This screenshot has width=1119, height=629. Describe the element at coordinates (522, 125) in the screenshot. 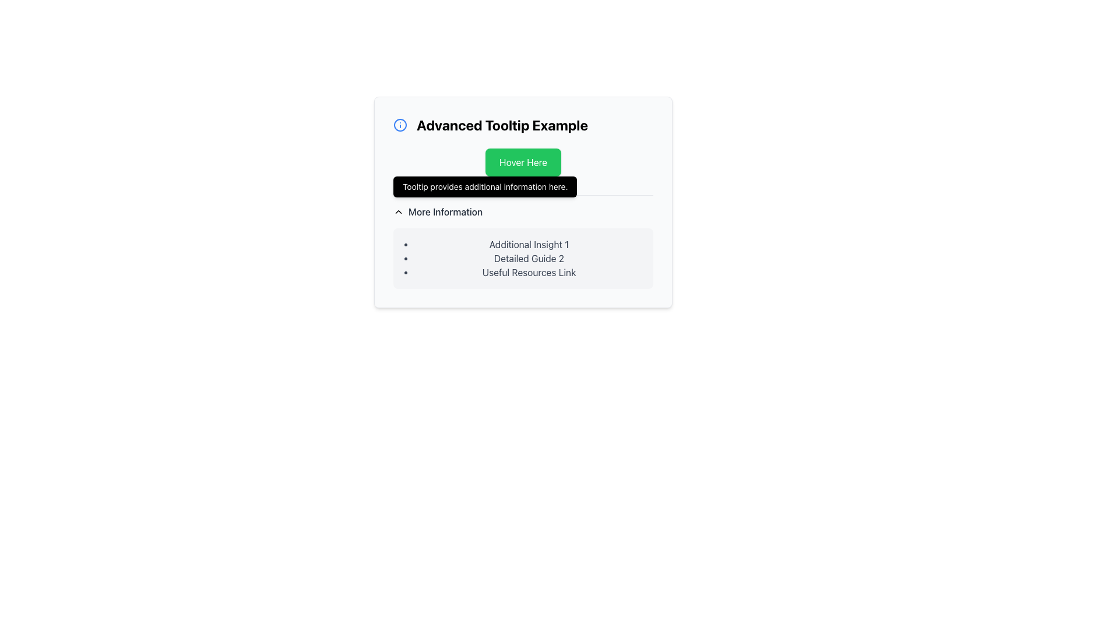

I see `the Text Label that serves as a title or header, located above the green button labeled 'Hover Here' and next to an information icon` at that location.